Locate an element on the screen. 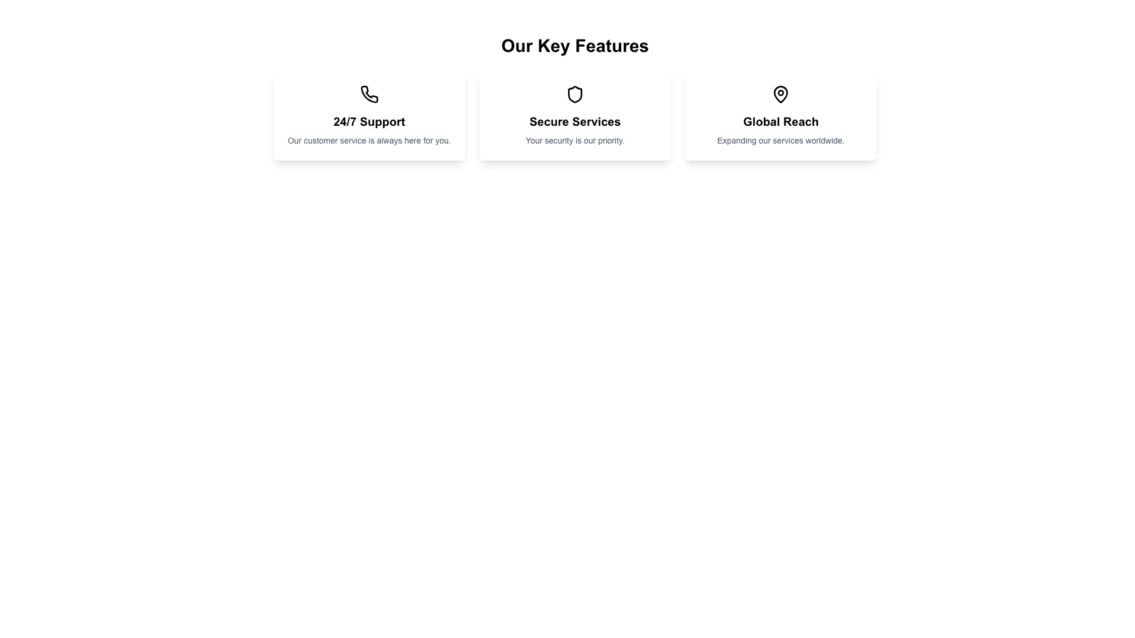  the 'Global Reach' icon located at the top-center of the card, which visually represents a location or global reach concept is located at coordinates (781, 93).